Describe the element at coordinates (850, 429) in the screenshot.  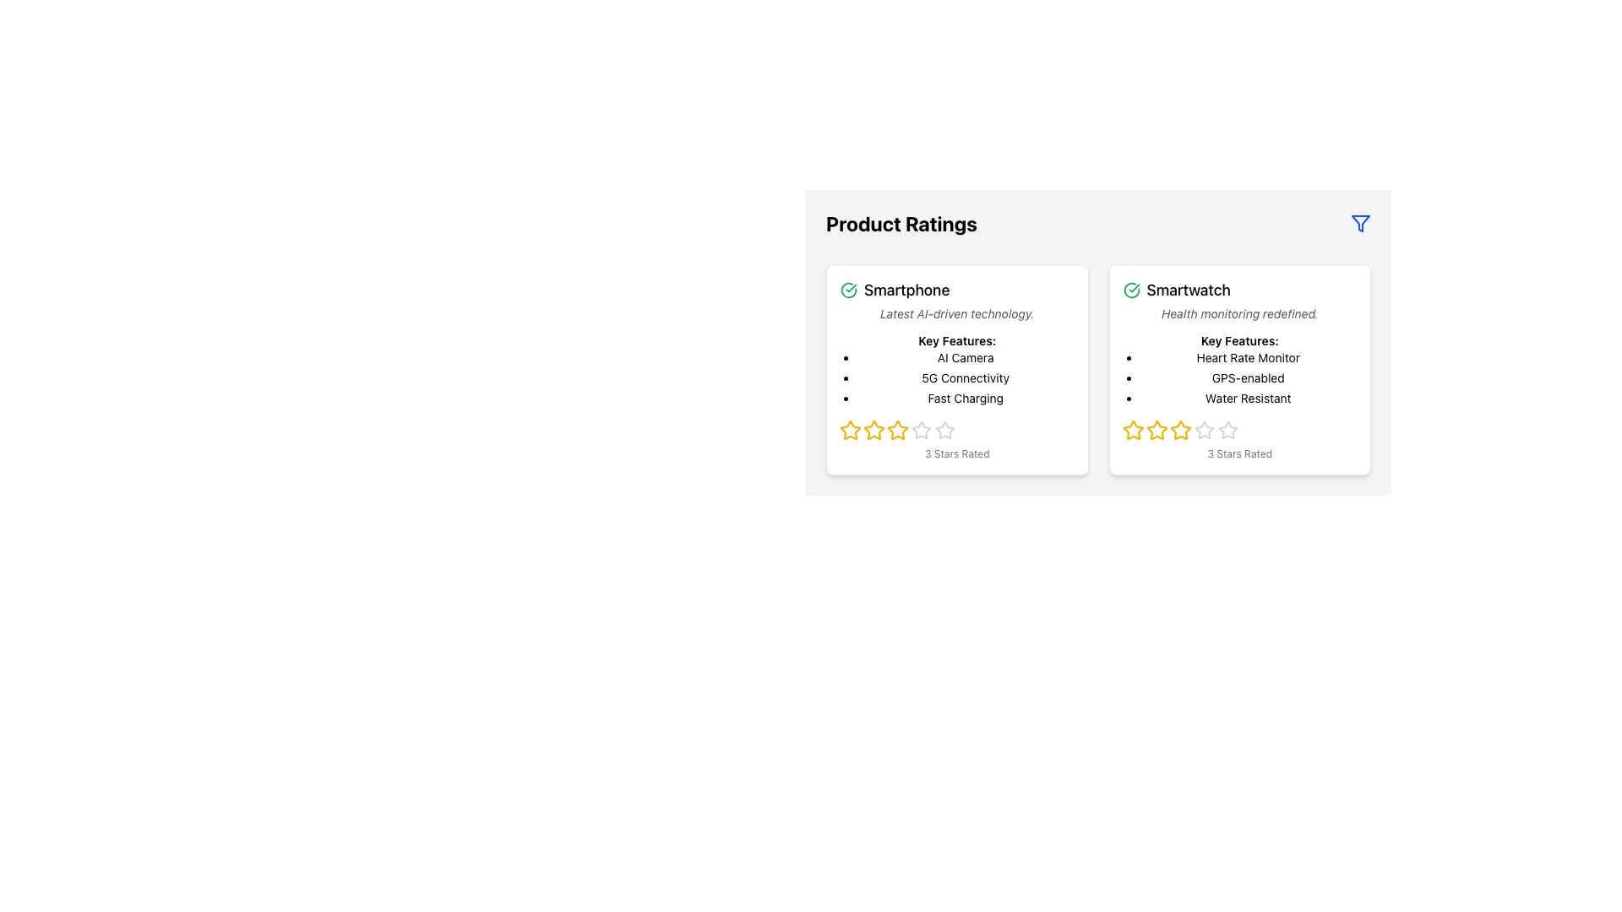
I see `the first star in the rating section of the 'Smartphone' product card to give a rating` at that location.